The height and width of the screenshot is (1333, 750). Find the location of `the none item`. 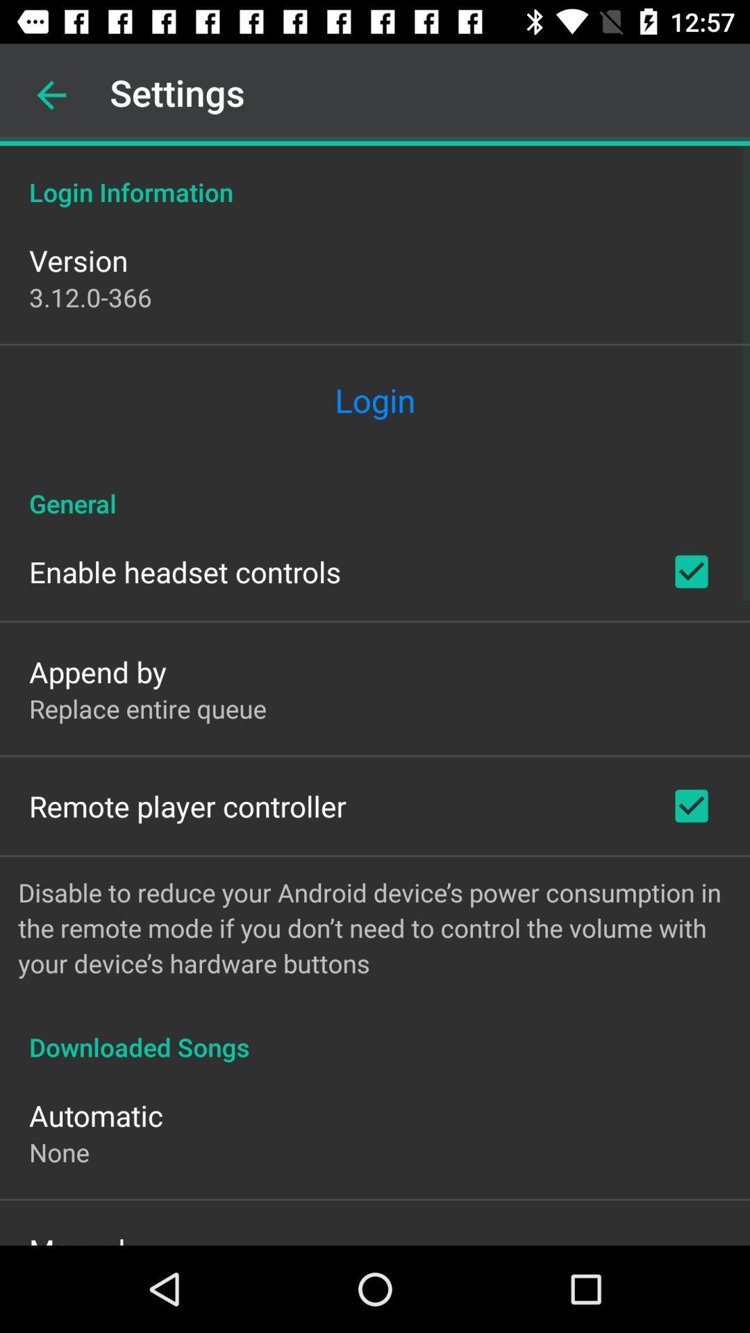

the none item is located at coordinates (58, 1152).